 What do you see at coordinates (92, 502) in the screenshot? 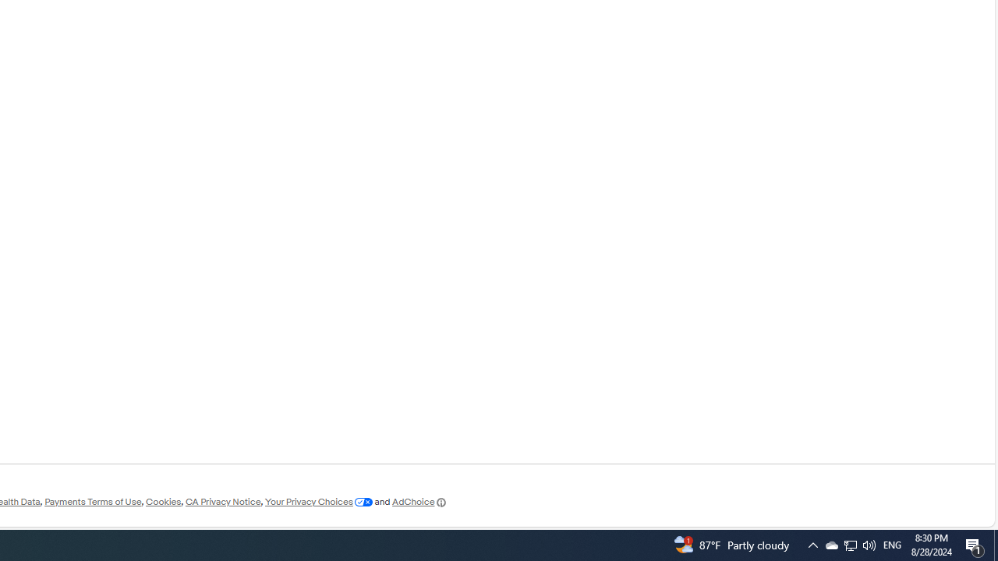
I see `'Payments Terms of Use'` at bounding box center [92, 502].